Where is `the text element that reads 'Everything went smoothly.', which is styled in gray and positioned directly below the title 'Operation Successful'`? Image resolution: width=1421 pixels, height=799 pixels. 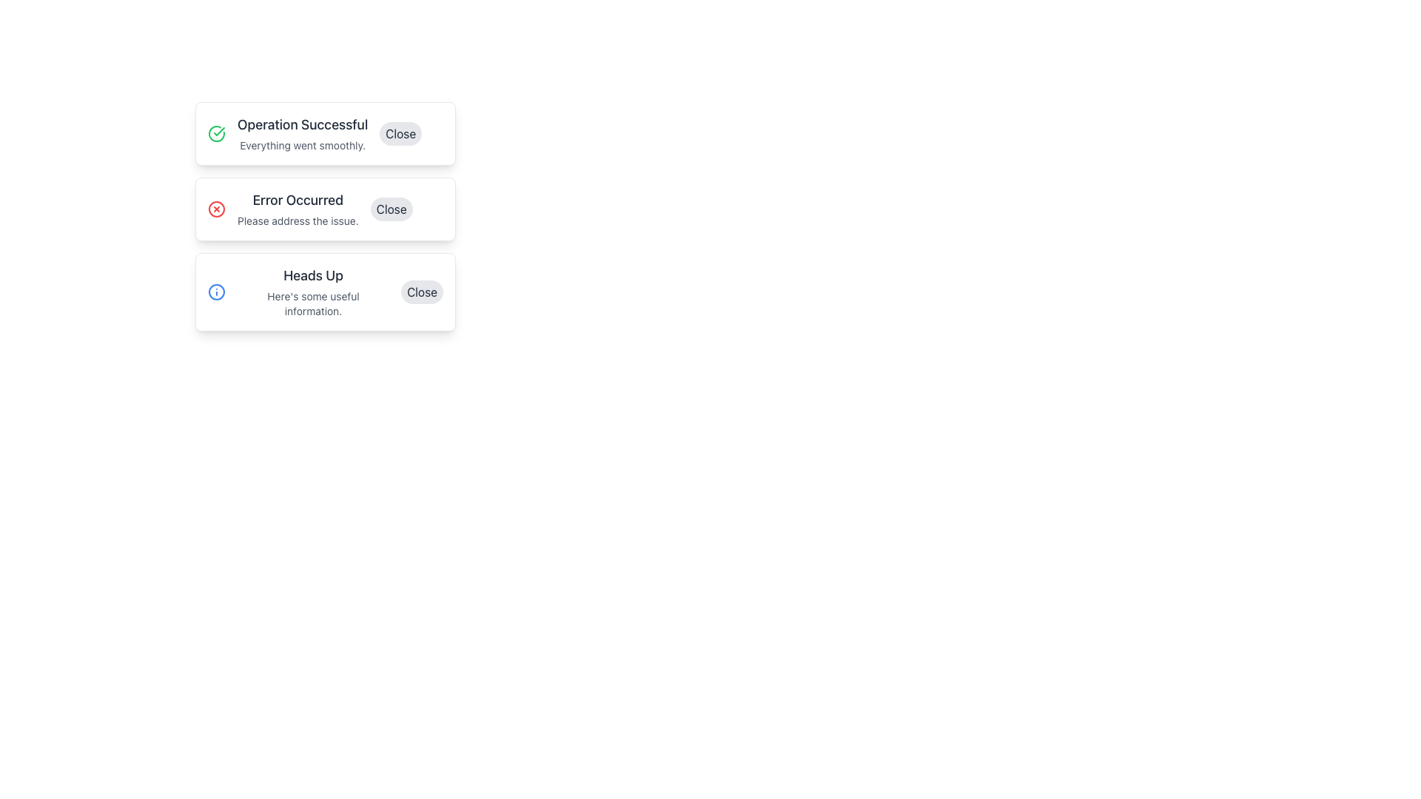 the text element that reads 'Everything went smoothly.', which is styled in gray and positioned directly below the title 'Operation Successful' is located at coordinates (302, 145).